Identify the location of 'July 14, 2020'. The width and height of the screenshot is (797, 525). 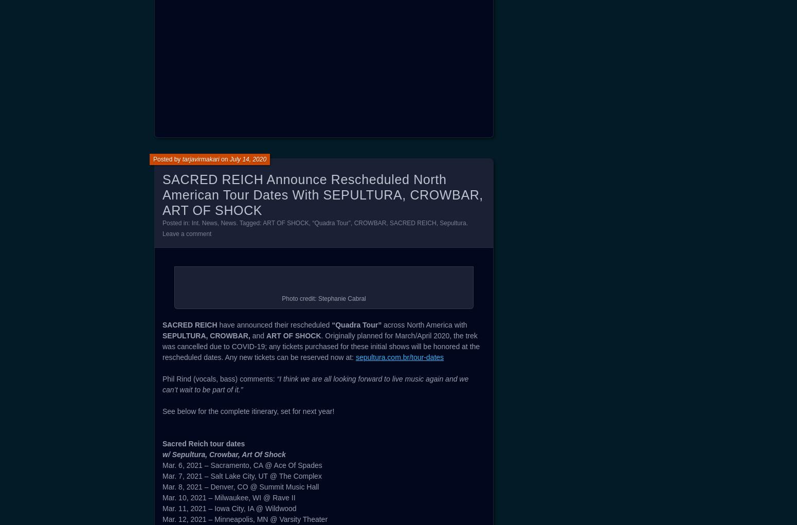
(229, 458).